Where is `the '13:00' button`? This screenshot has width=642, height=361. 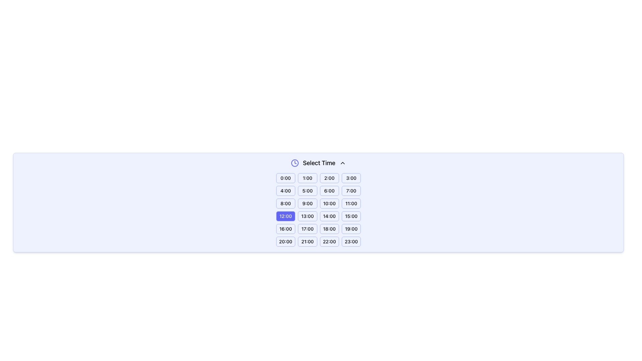 the '13:00' button is located at coordinates (307, 216).